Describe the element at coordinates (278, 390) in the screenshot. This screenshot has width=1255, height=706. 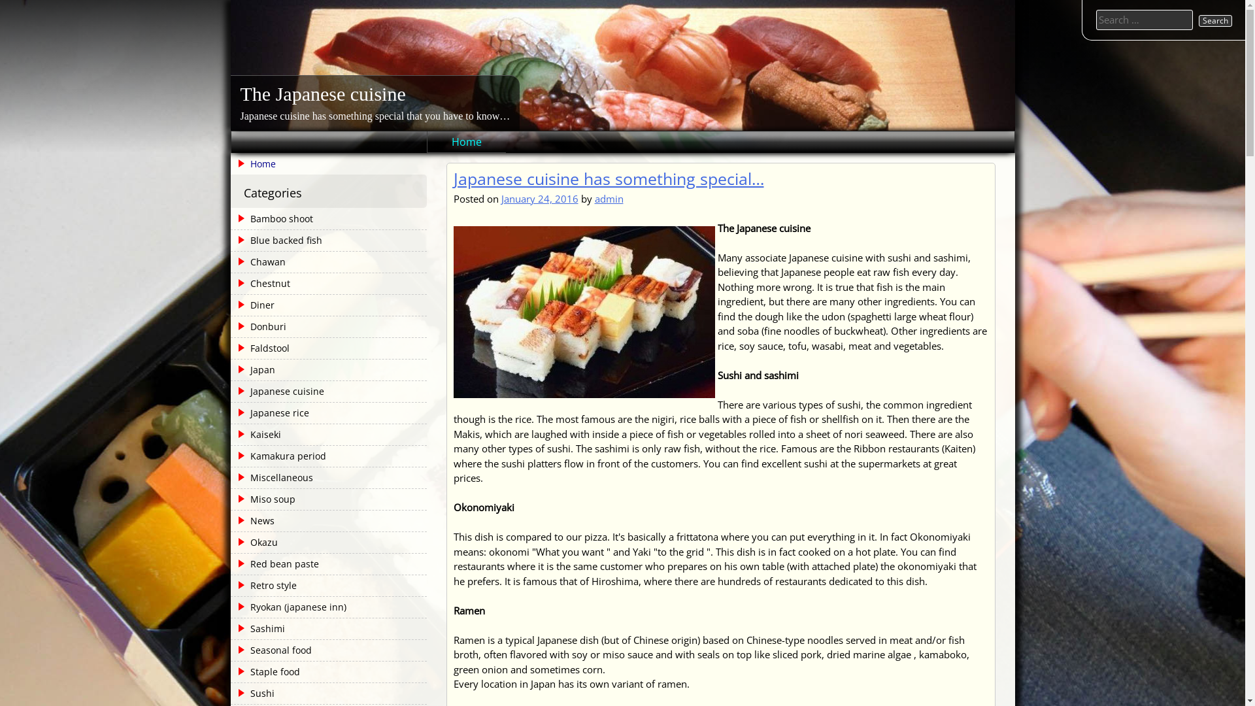
I see `'Japanese cuisine'` at that location.